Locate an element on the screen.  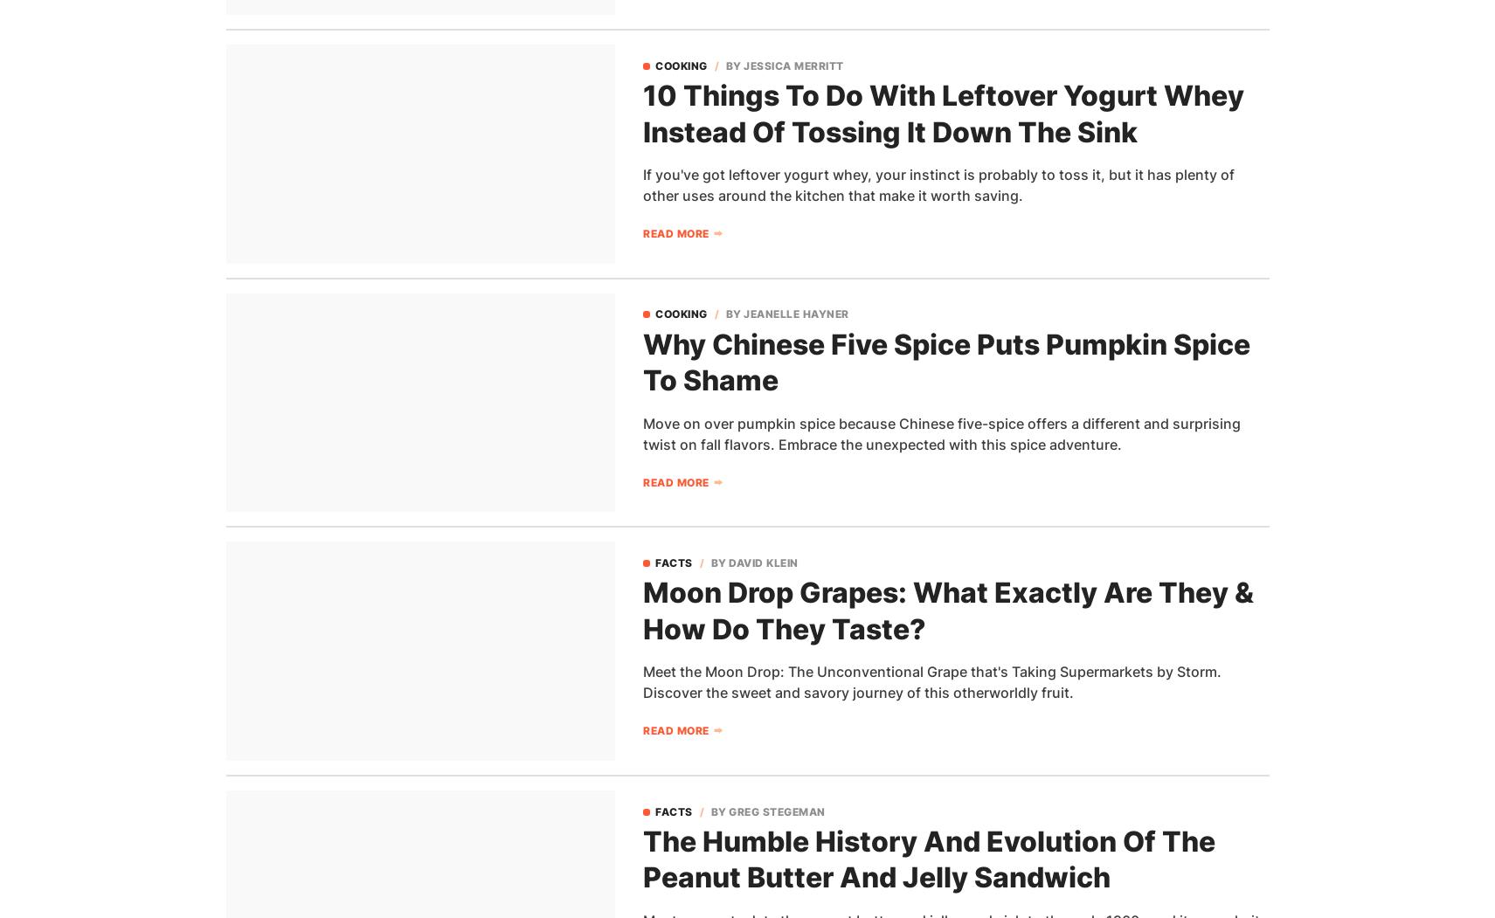
'Jeanelle Hayner' is located at coordinates (795, 314).